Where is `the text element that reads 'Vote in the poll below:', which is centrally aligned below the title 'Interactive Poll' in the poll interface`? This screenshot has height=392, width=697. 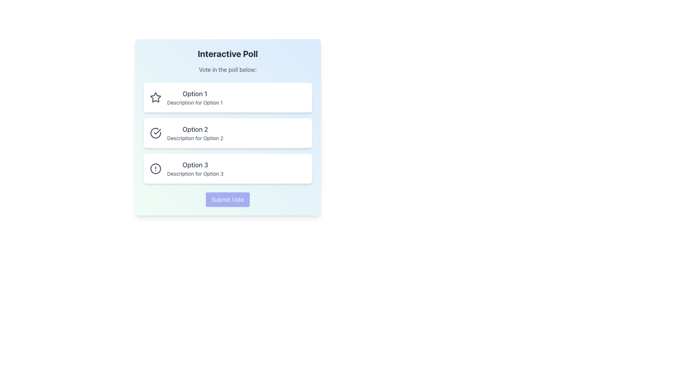
the text element that reads 'Vote in the poll below:', which is centrally aligned below the title 'Interactive Poll' in the poll interface is located at coordinates (227, 70).